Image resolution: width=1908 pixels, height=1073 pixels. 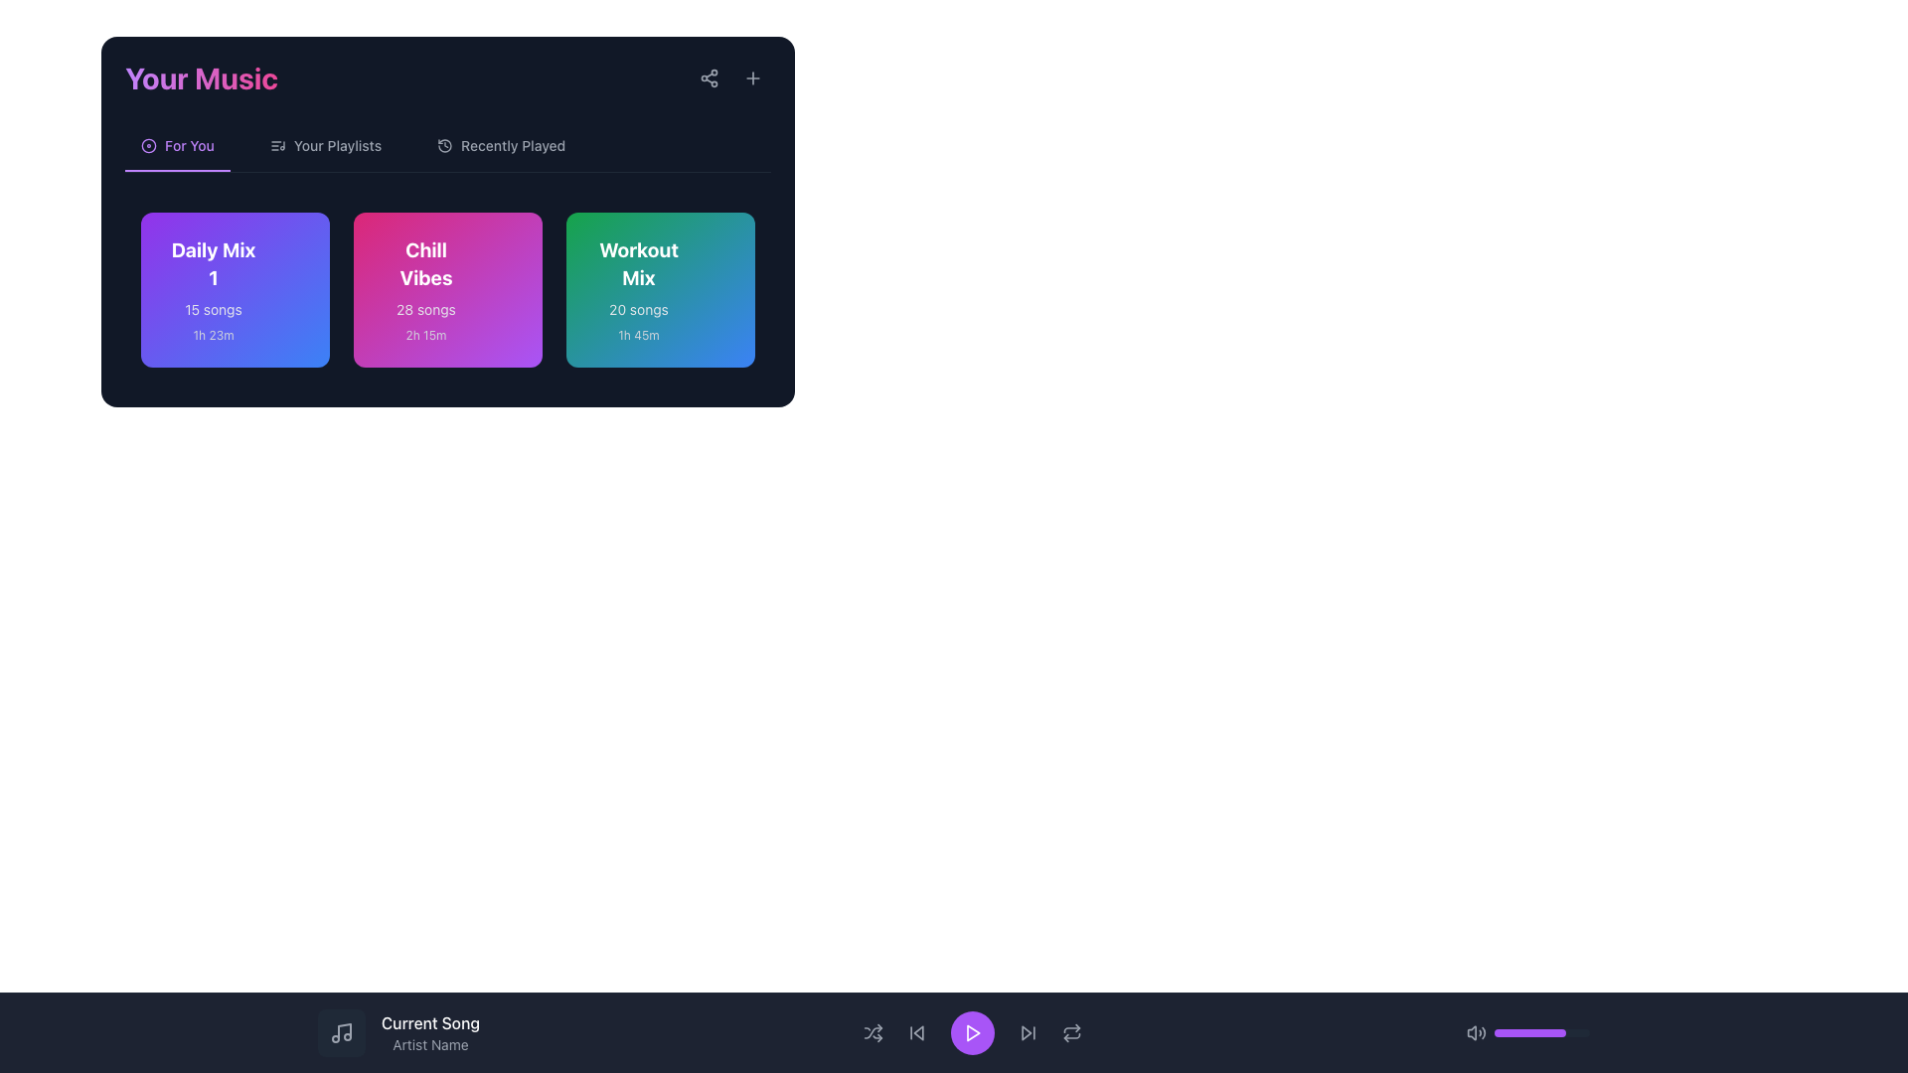 What do you see at coordinates (325, 152) in the screenshot?
I see `the 'Your Playlists' navigation tab` at bounding box center [325, 152].